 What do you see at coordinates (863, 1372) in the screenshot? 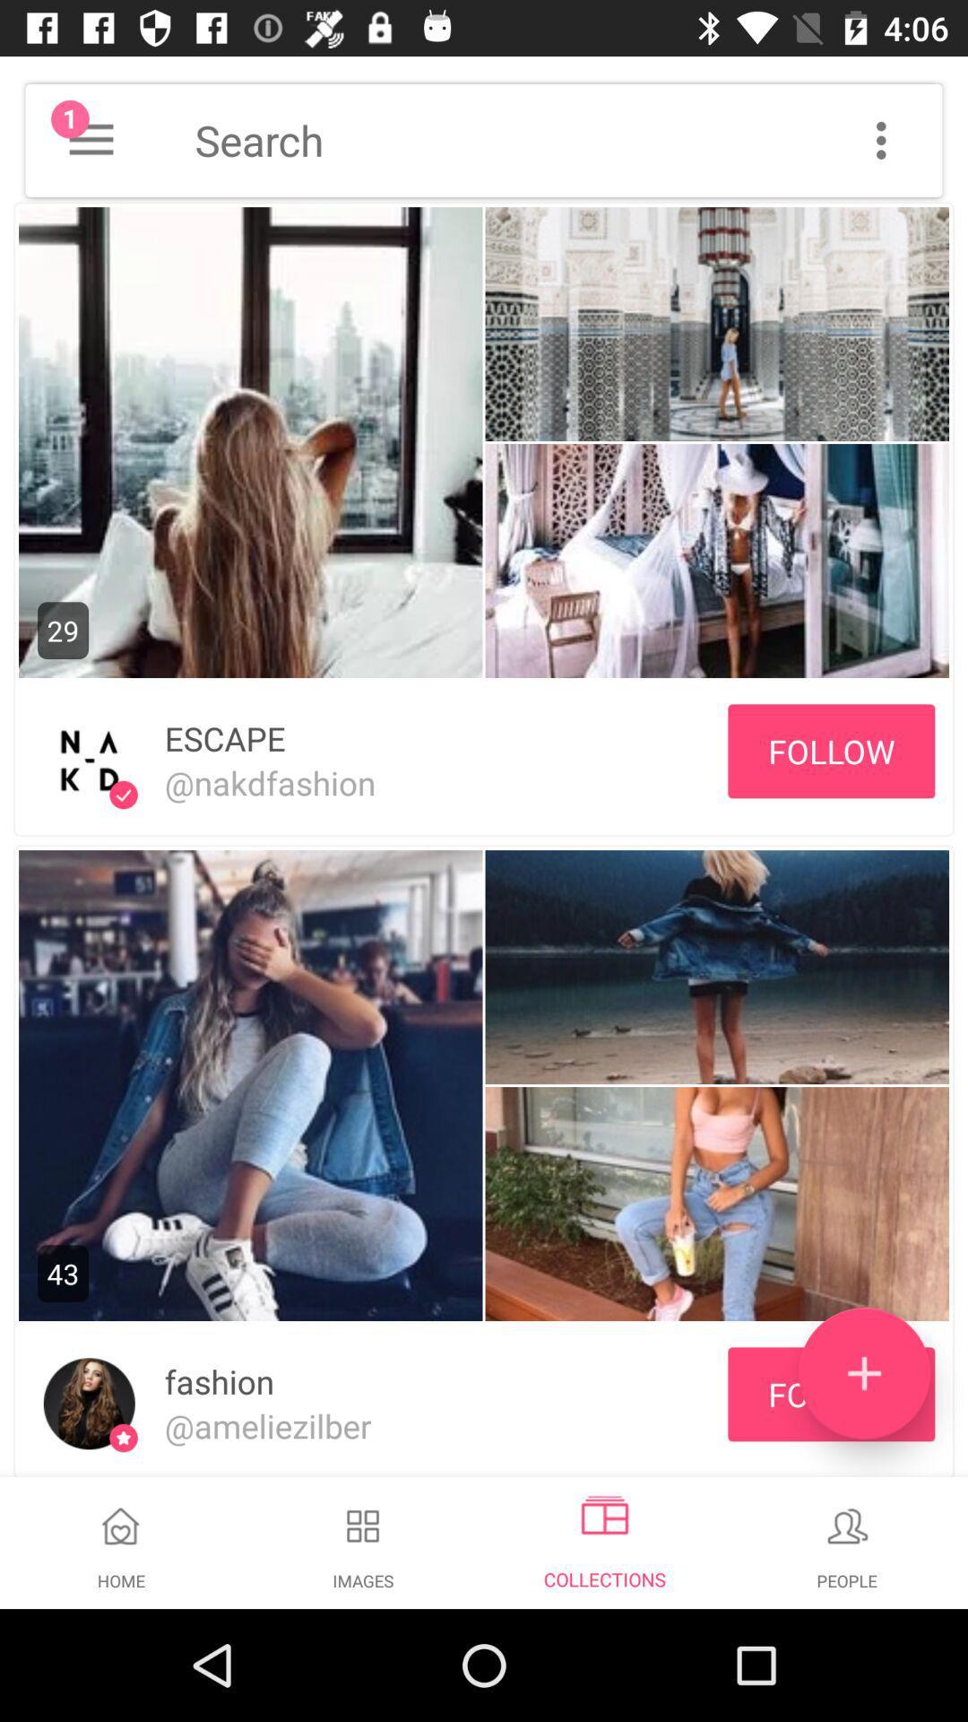
I see `post` at bounding box center [863, 1372].